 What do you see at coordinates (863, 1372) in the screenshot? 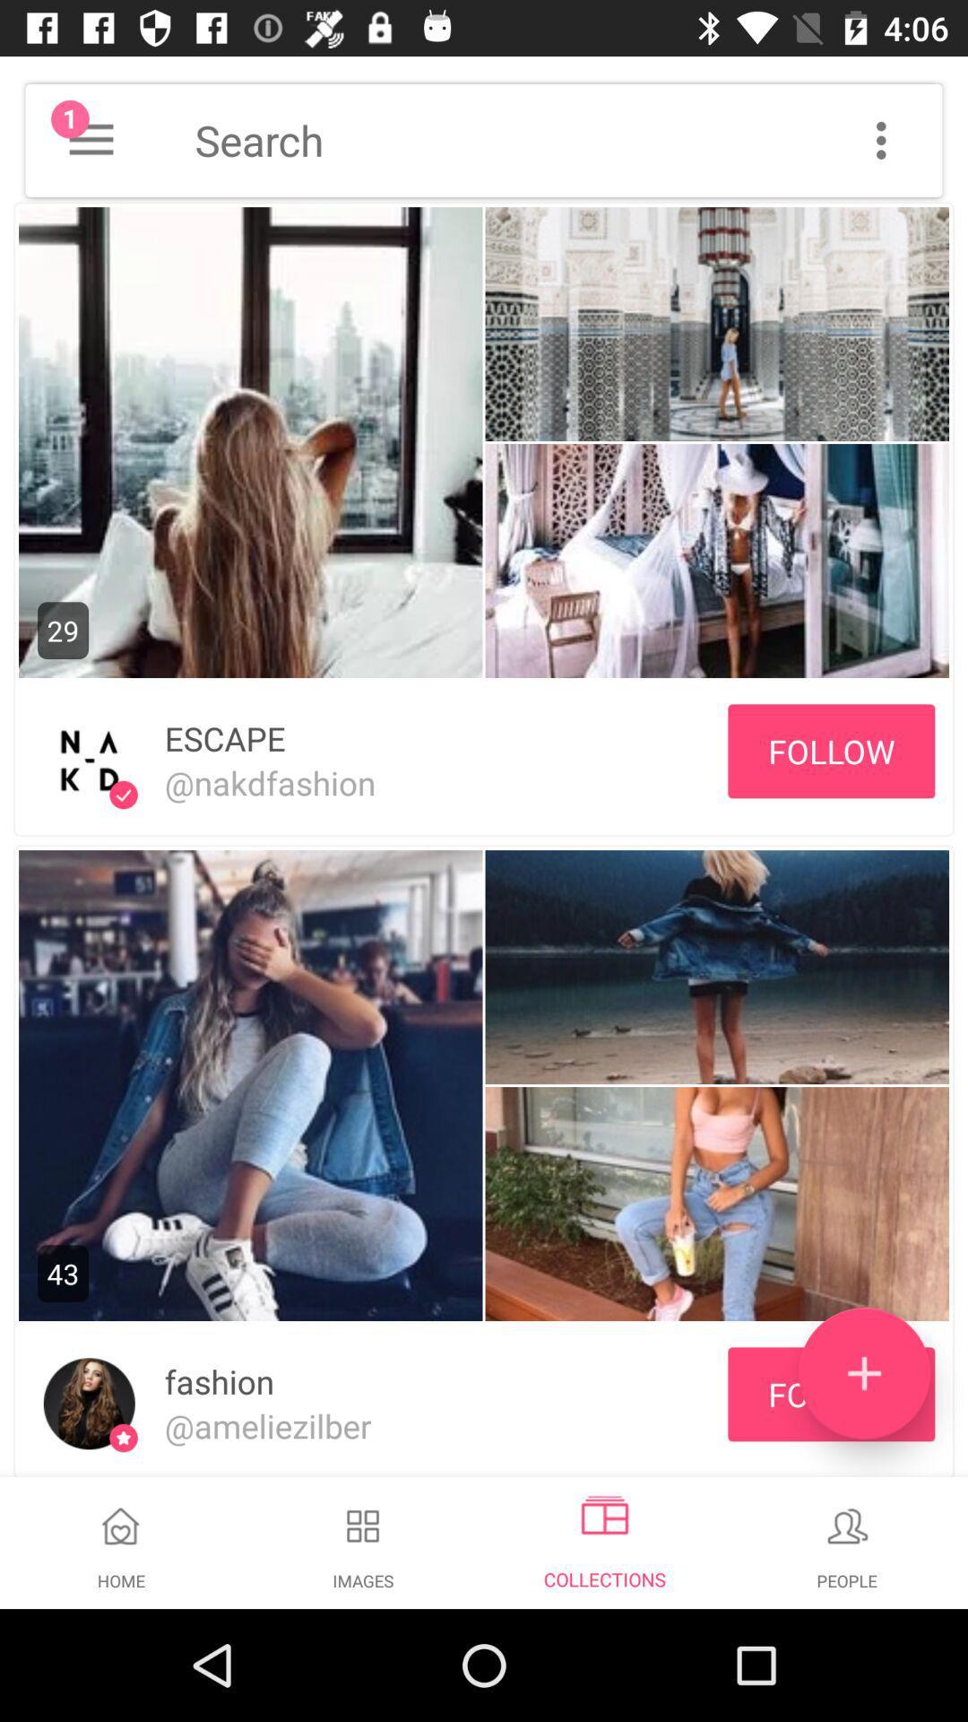
I see `post` at bounding box center [863, 1372].